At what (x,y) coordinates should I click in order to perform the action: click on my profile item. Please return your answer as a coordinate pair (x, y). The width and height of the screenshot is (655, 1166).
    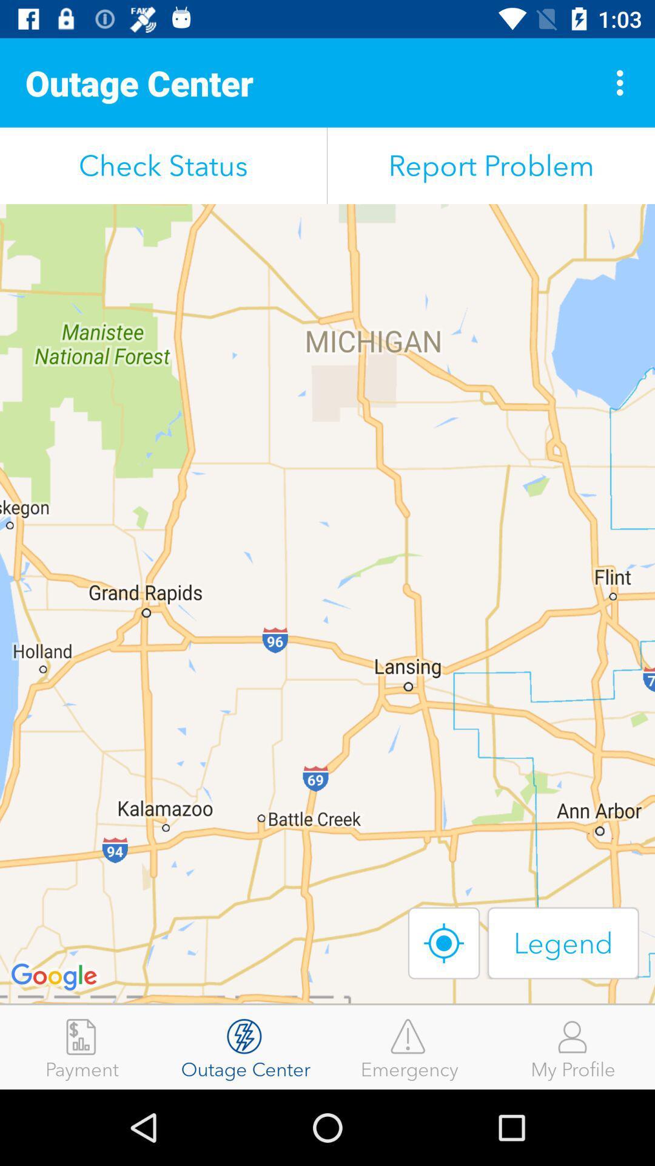
    Looking at the image, I should click on (573, 1046).